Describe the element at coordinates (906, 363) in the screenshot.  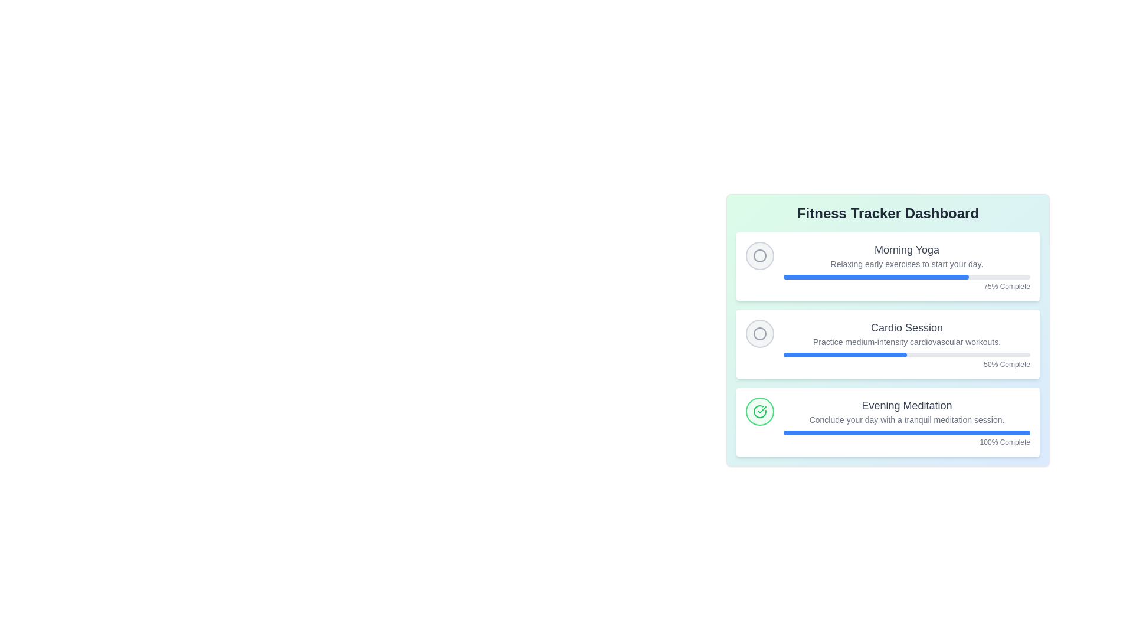
I see `the text label displaying '50% Complete' located in the bottom-right corner of the 'Cardio Session' section, styled in gray and aligned to the right` at that location.